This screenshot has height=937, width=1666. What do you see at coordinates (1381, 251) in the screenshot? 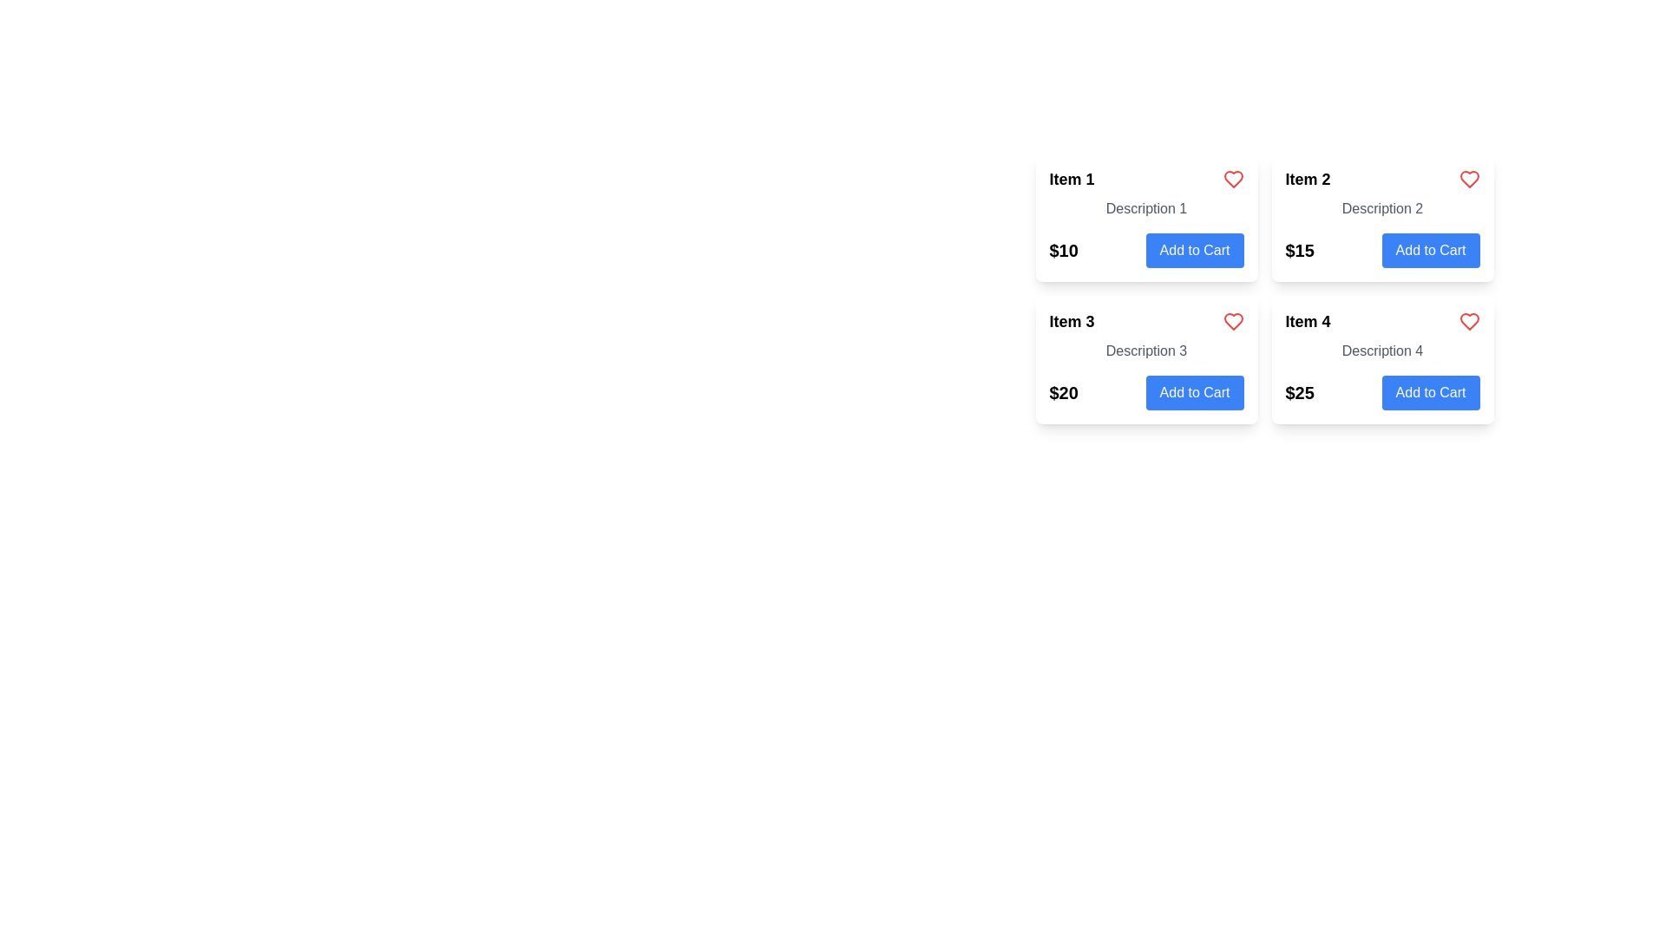
I see `the 'Add to Cart' button located at the bottom of the second item card, which displays the price '$15' on the left` at bounding box center [1381, 251].